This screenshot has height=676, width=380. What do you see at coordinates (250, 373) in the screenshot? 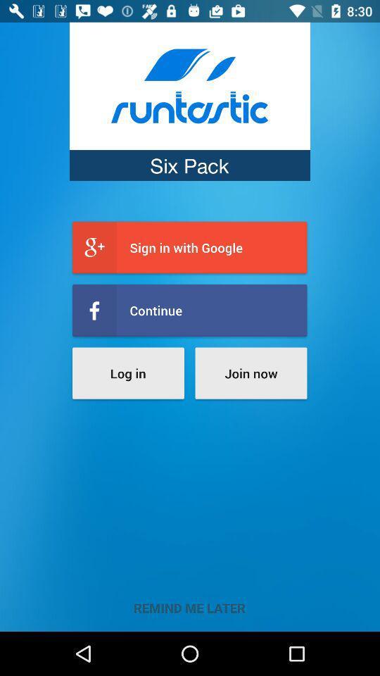
I see `the icon above the remind me later` at bounding box center [250, 373].